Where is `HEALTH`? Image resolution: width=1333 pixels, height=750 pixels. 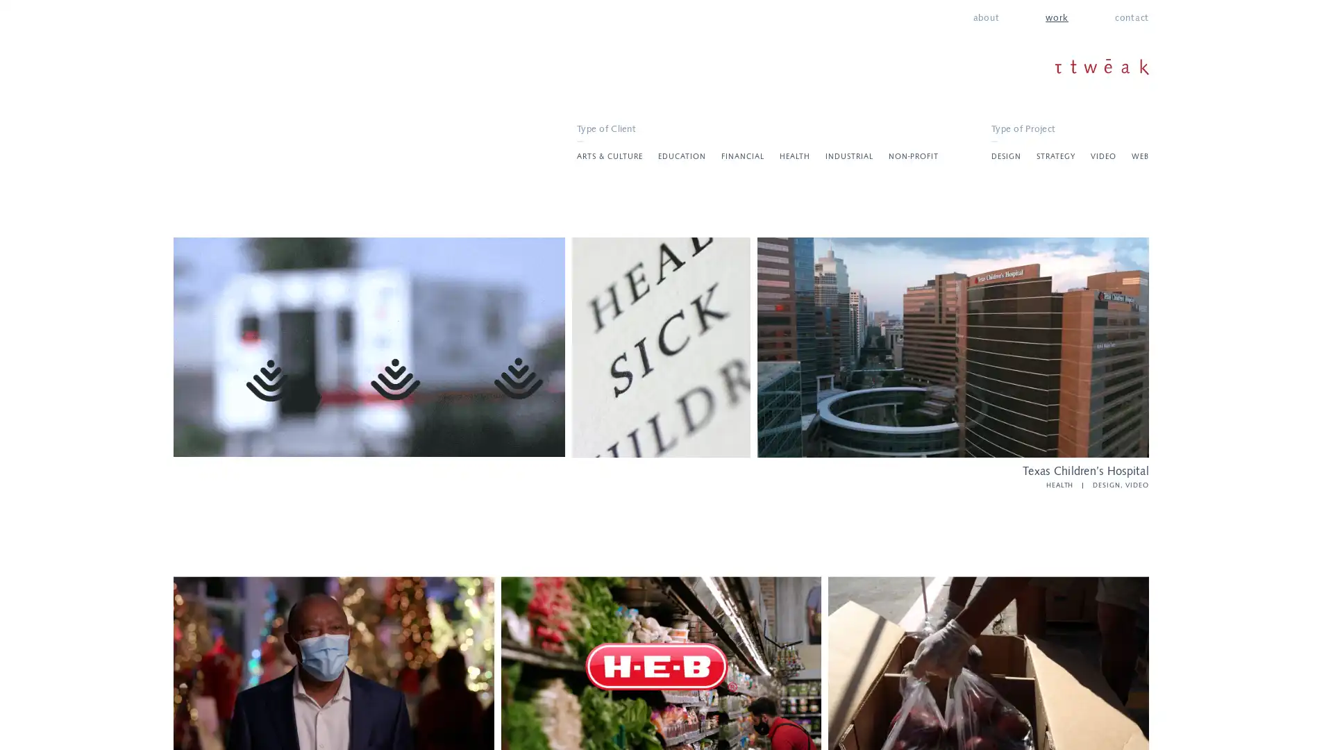 HEALTH is located at coordinates (795, 156).